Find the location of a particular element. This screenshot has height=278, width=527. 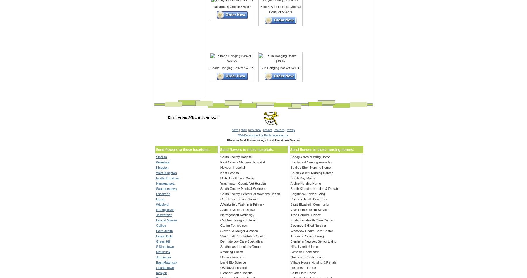

'Kenyon' is located at coordinates (161, 273).